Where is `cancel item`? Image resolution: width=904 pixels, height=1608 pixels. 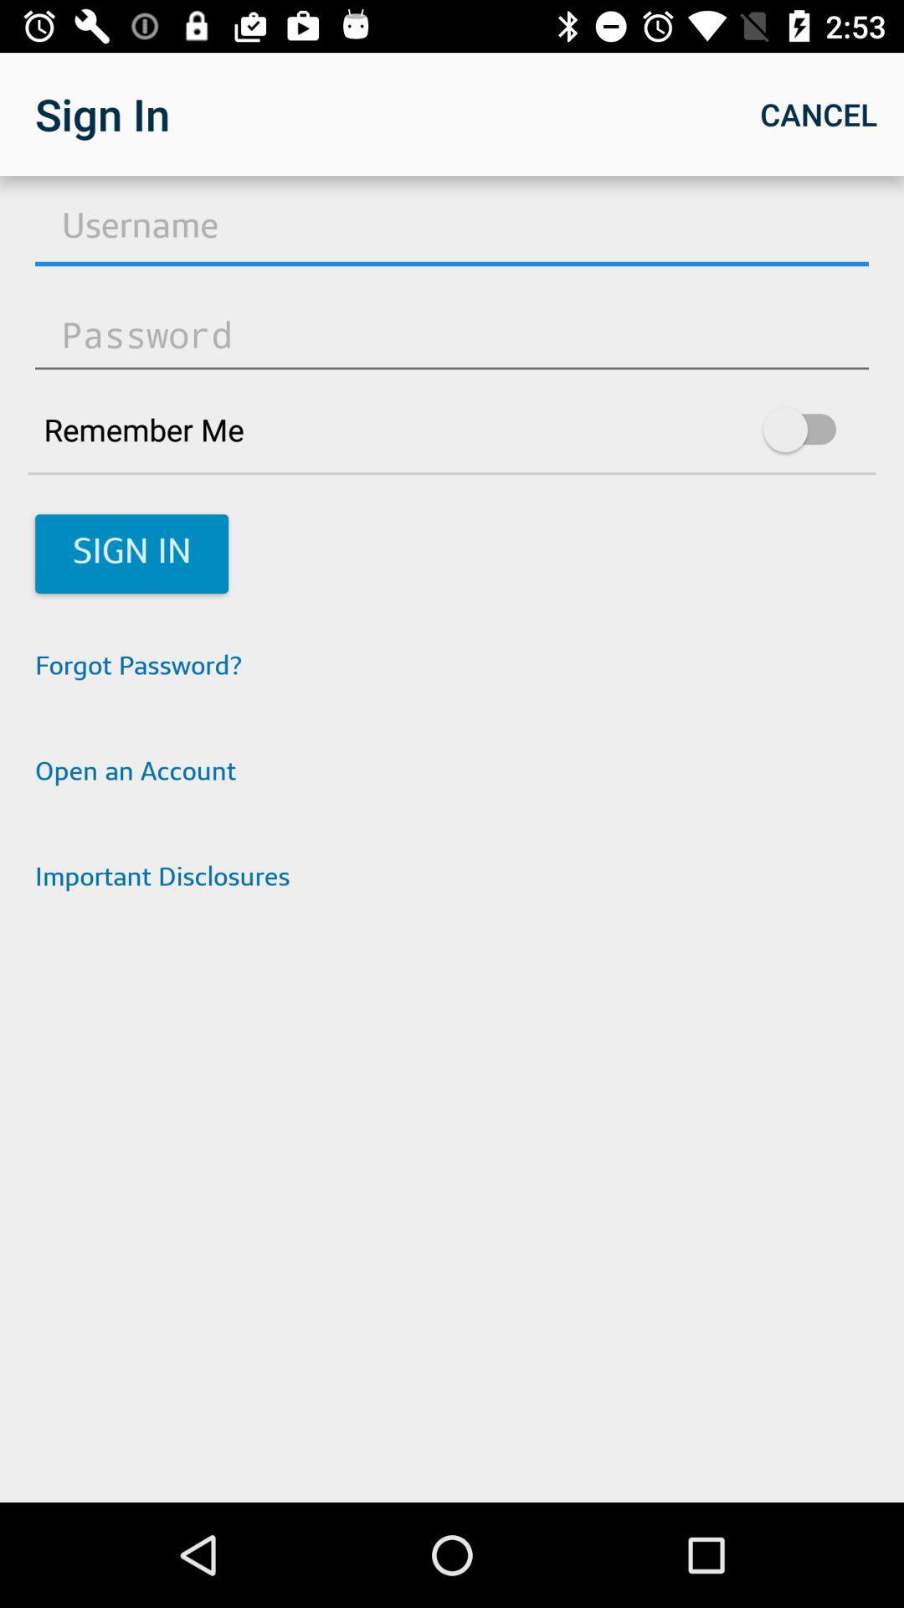 cancel item is located at coordinates (818, 113).